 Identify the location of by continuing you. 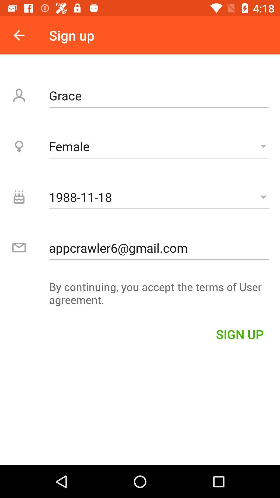
(140, 296).